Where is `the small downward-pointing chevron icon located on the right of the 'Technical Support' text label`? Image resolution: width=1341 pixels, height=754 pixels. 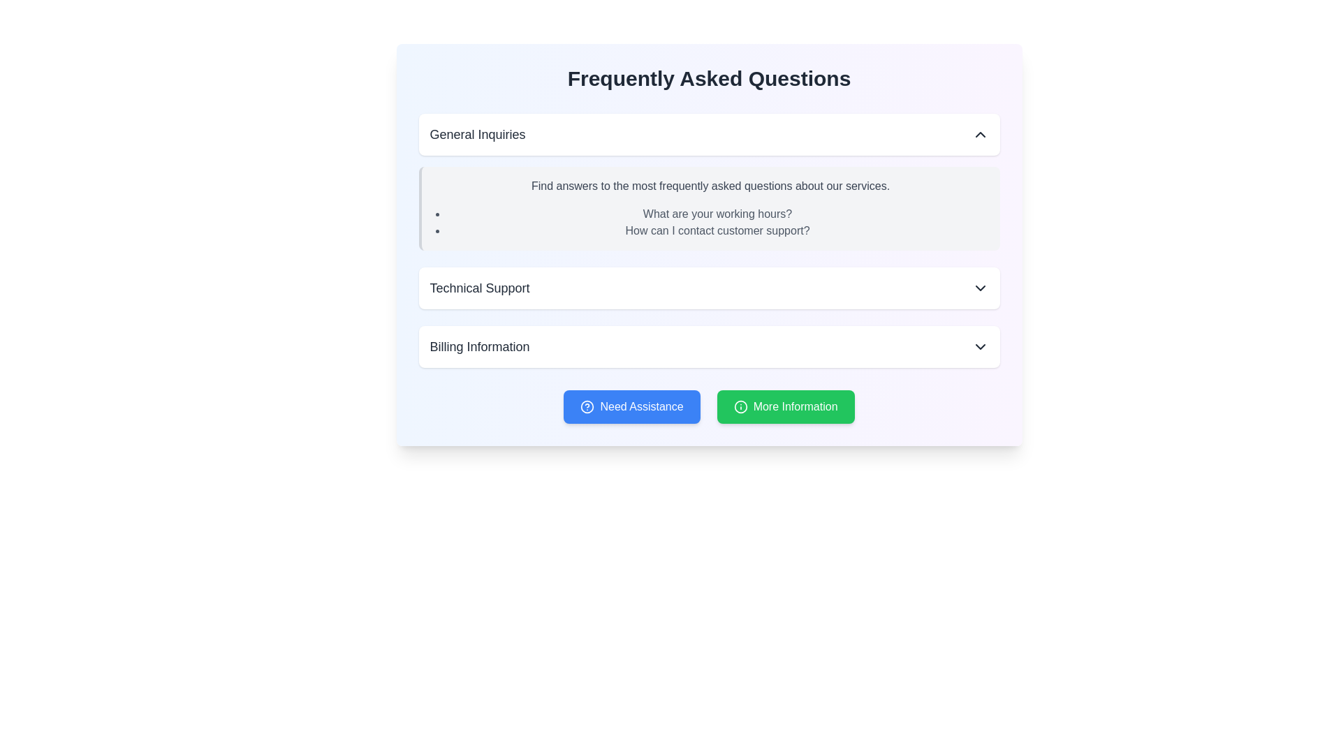 the small downward-pointing chevron icon located on the right of the 'Technical Support' text label is located at coordinates (979, 287).